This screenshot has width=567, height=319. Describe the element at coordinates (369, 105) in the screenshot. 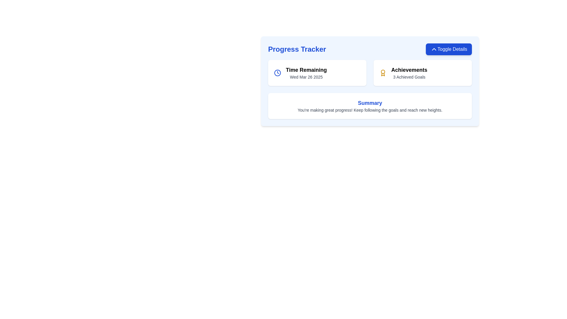

I see `the informational text box titled 'Summary' which displays a message about progress, styled in blue bold text with gray descriptive text below` at that location.